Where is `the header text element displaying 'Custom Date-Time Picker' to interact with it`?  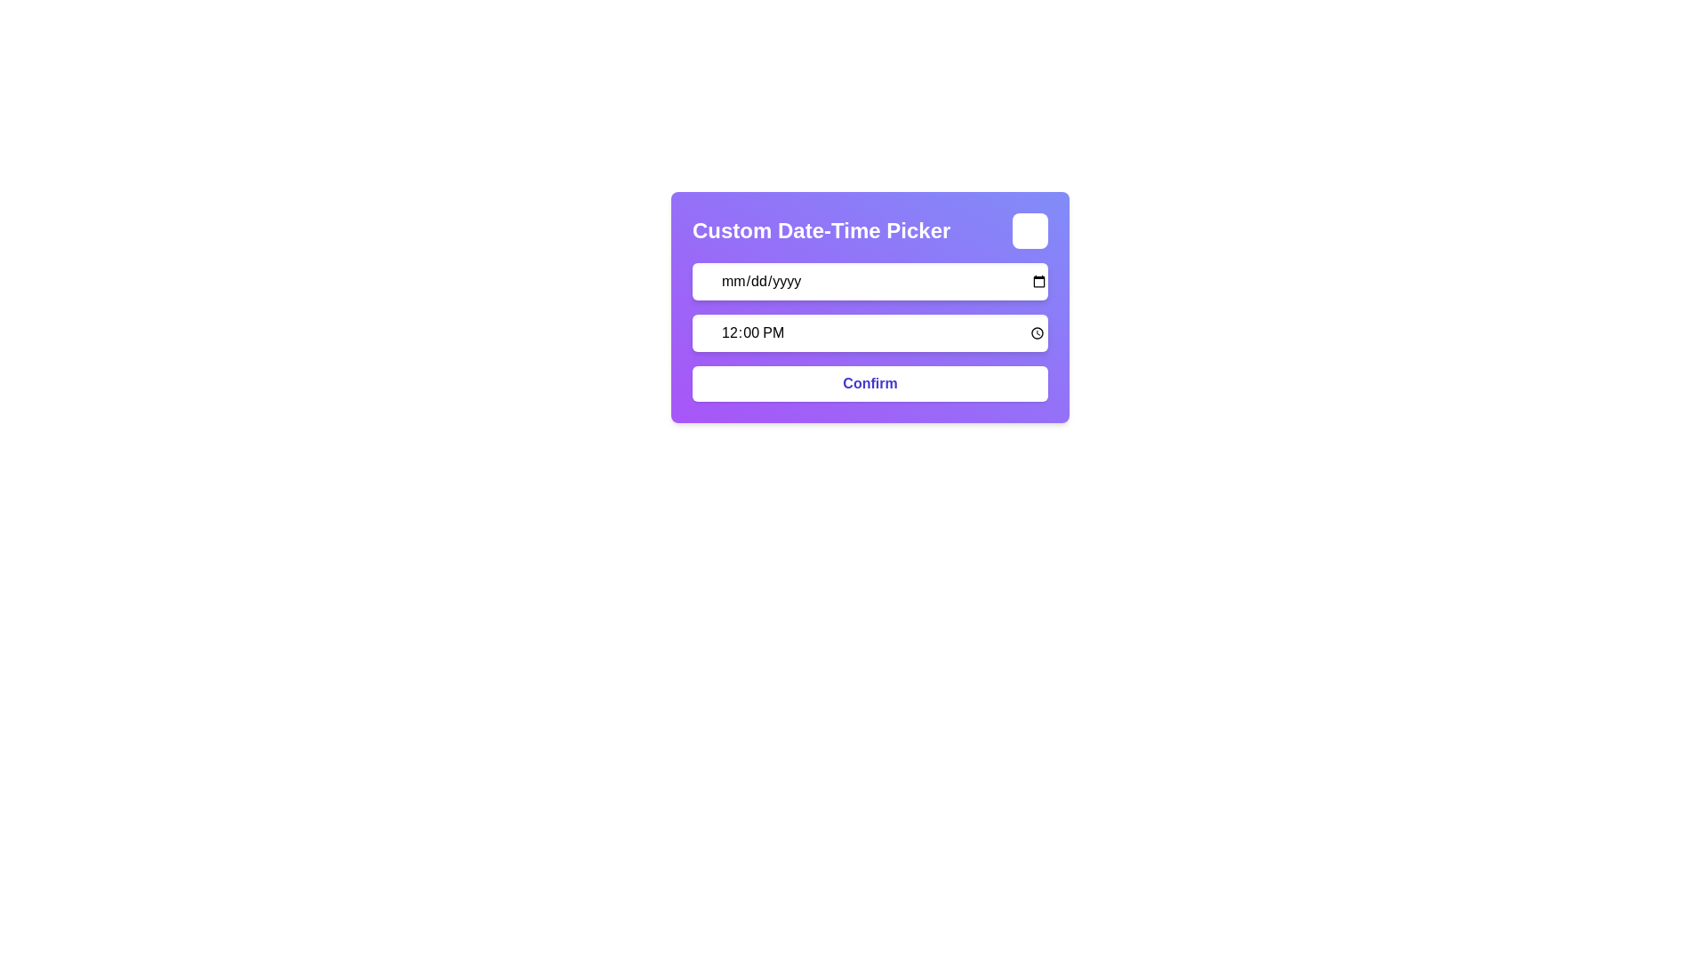 the header text element displaying 'Custom Date-Time Picker' to interact with it is located at coordinates (870, 229).